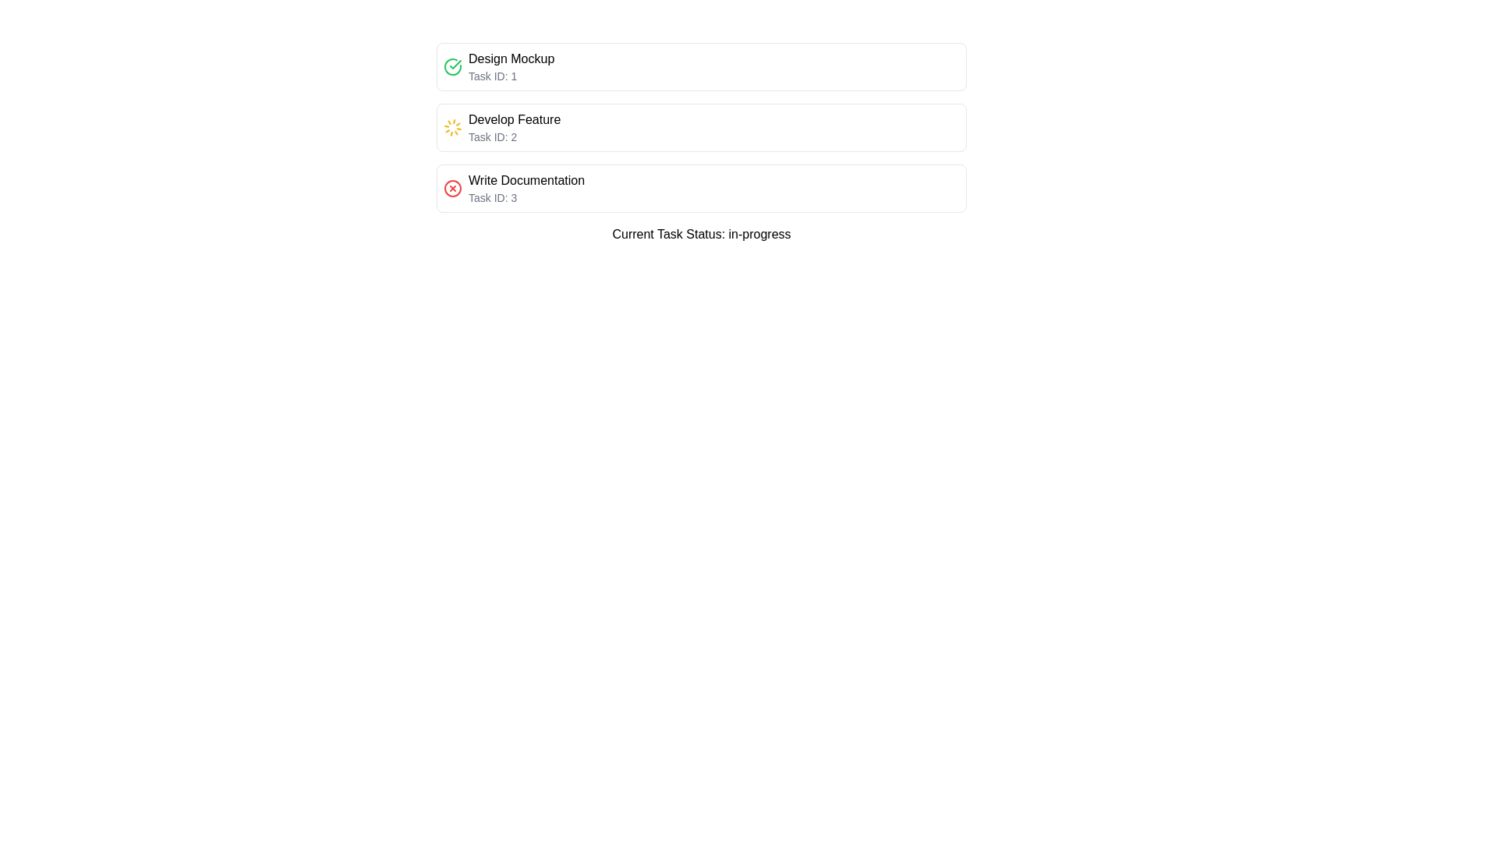  I want to click on the Text Label displaying 'Develop Feature', which is part of the list item under 'Task ID: 2', so click(515, 119).